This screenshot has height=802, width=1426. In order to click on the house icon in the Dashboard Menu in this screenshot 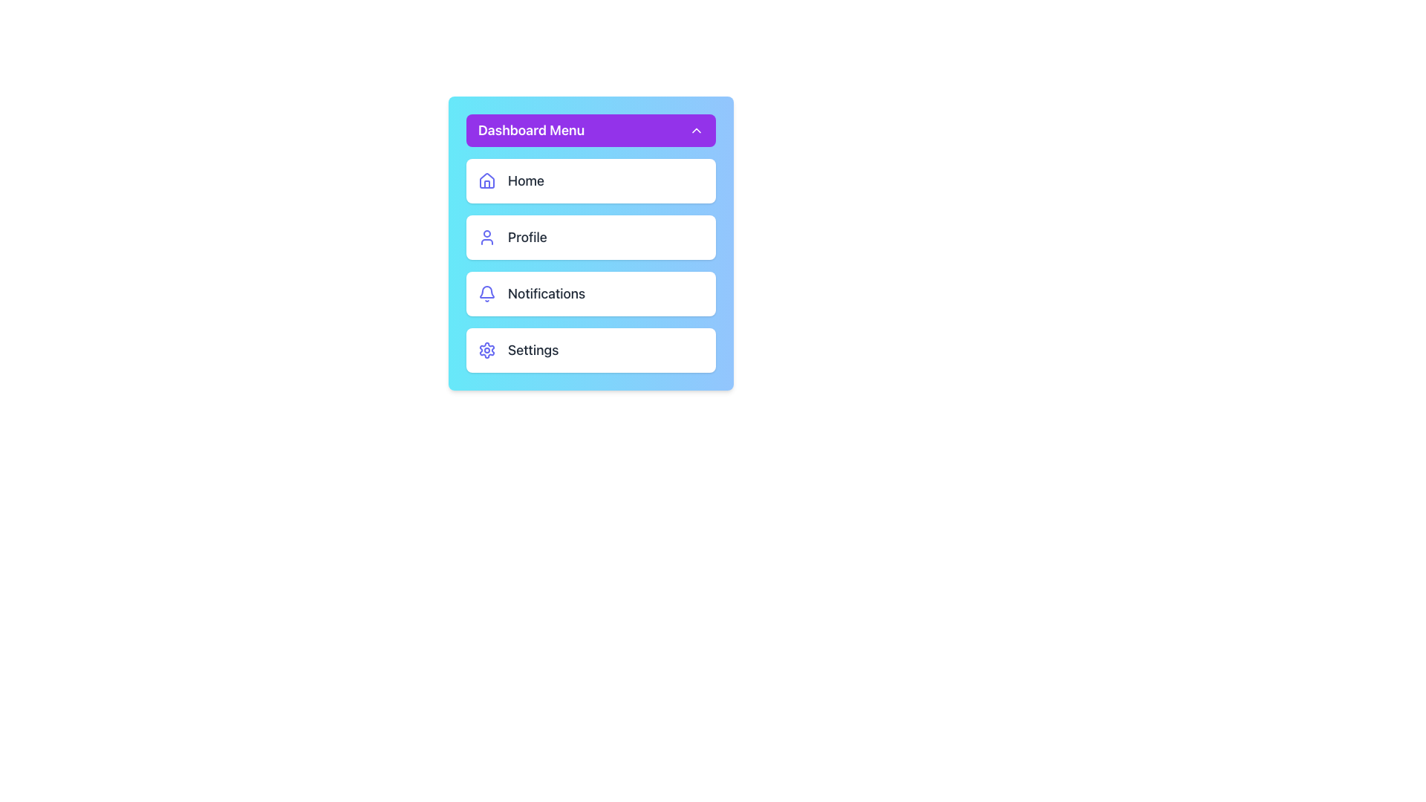, I will do `click(487, 180)`.